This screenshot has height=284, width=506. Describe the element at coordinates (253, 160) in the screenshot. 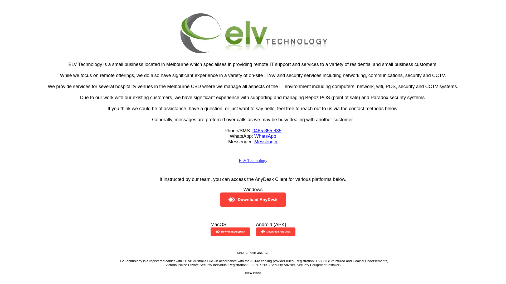

I see `'ELV Technology'` at that location.